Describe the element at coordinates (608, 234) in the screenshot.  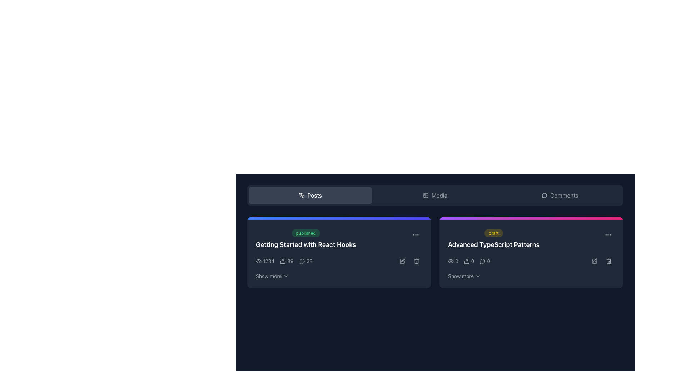
I see `the round icon button with three horizontal dots located` at that location.